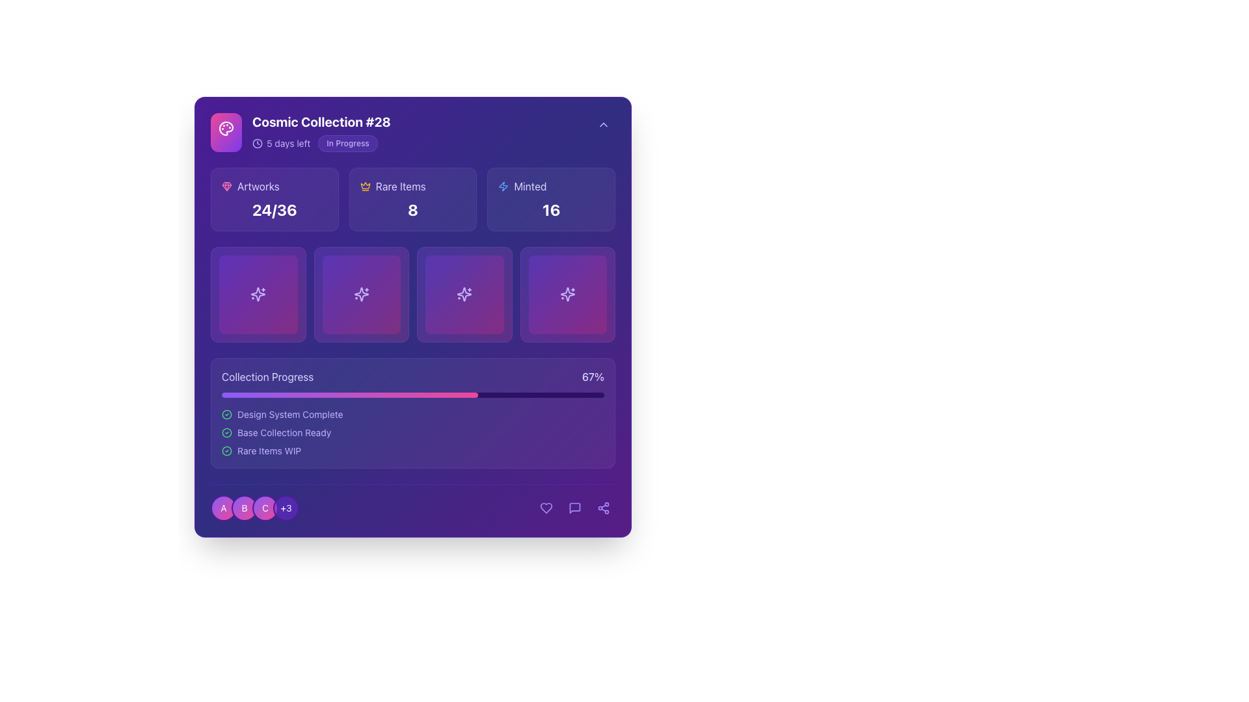  I want to click on the Data card with a purple background, featuring the text 'Rare Items' and the number '8', located in the second column between 'Artworks 24/36' and 'Minted 16', so click(412, 200).